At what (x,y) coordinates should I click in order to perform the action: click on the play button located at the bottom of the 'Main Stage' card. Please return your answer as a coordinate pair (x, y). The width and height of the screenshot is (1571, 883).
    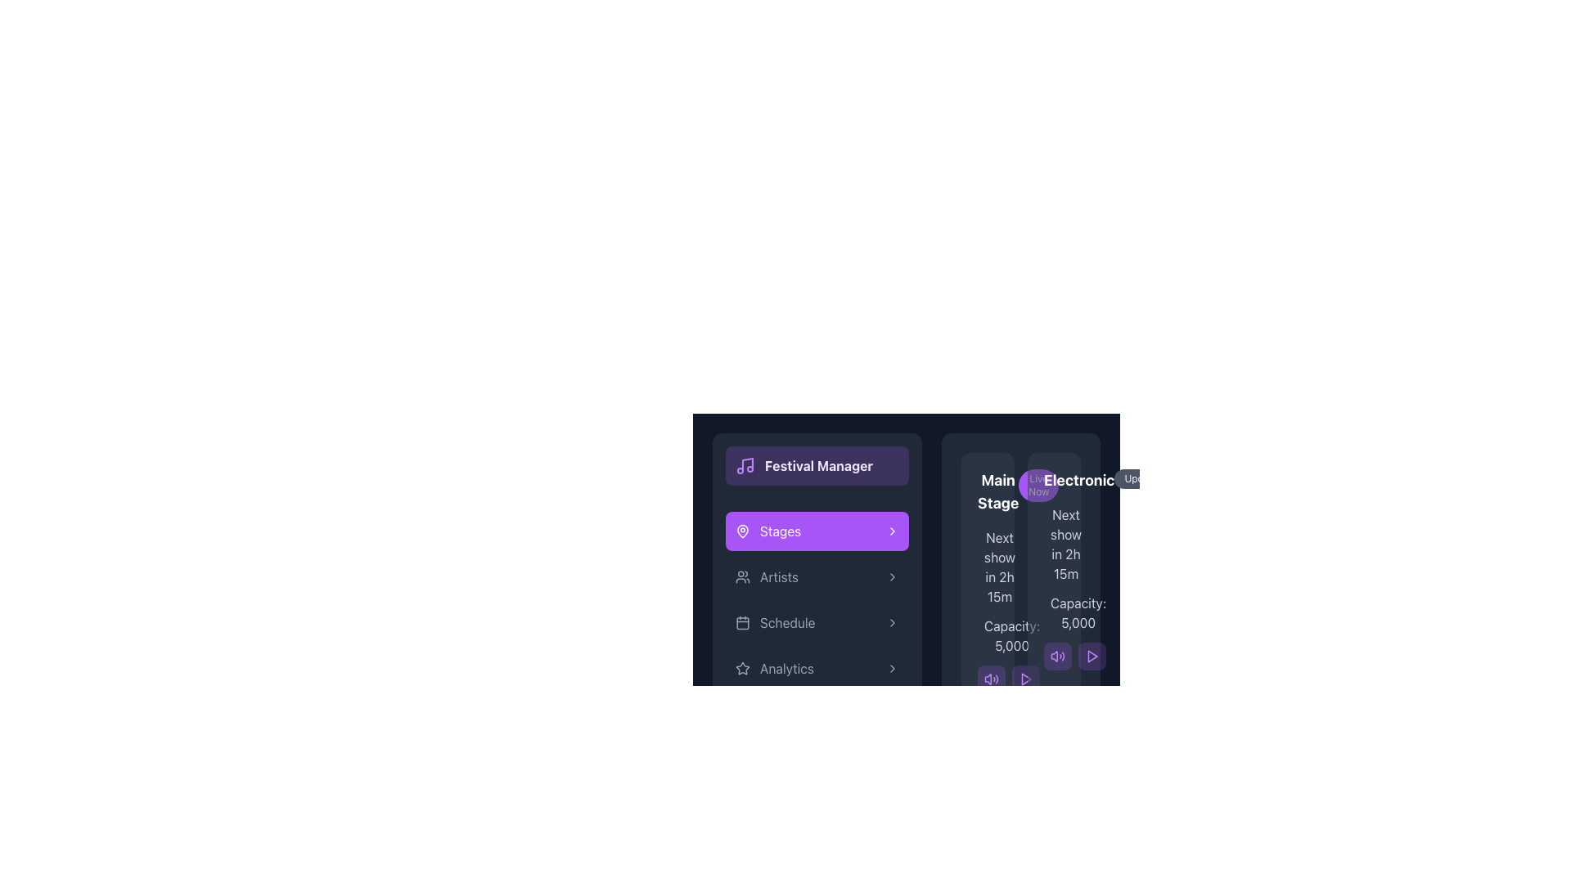
    Looking at the image, I should click on (1025, 679).